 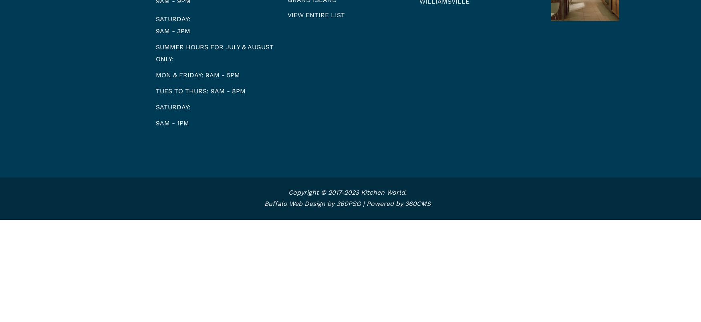 I want to click on 'Buffalo Web Design', so click(x=295, y=203).